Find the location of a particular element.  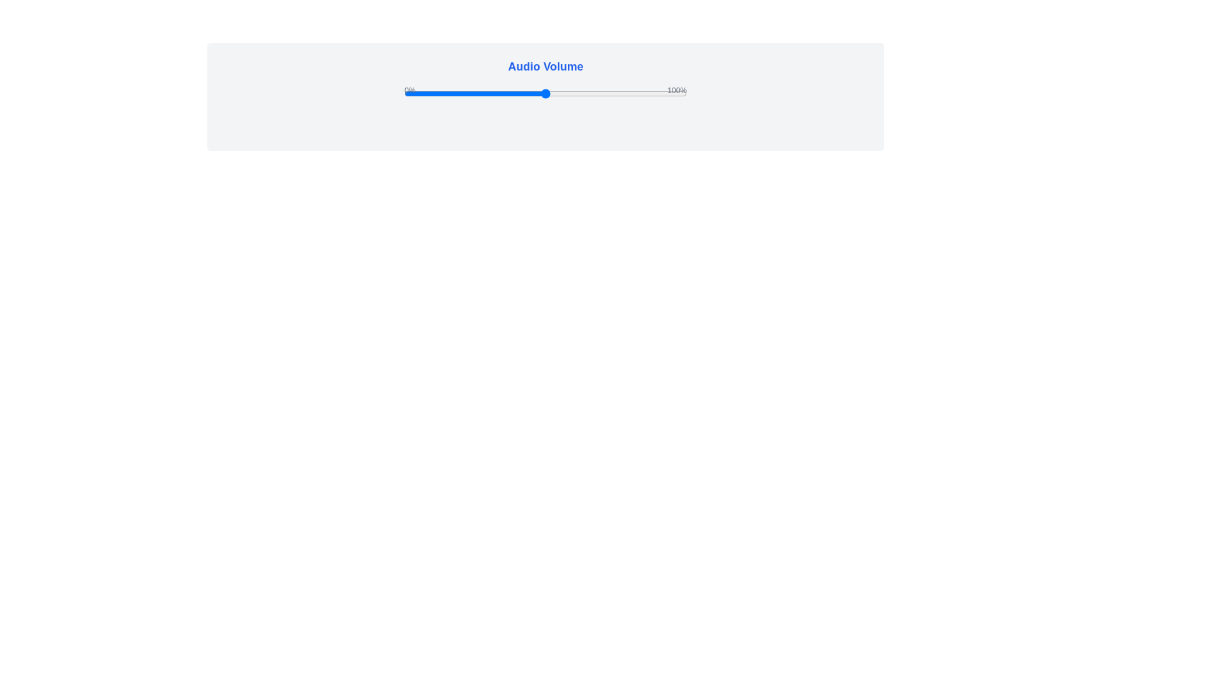

the audio volume is located at coordinates (619, 93).